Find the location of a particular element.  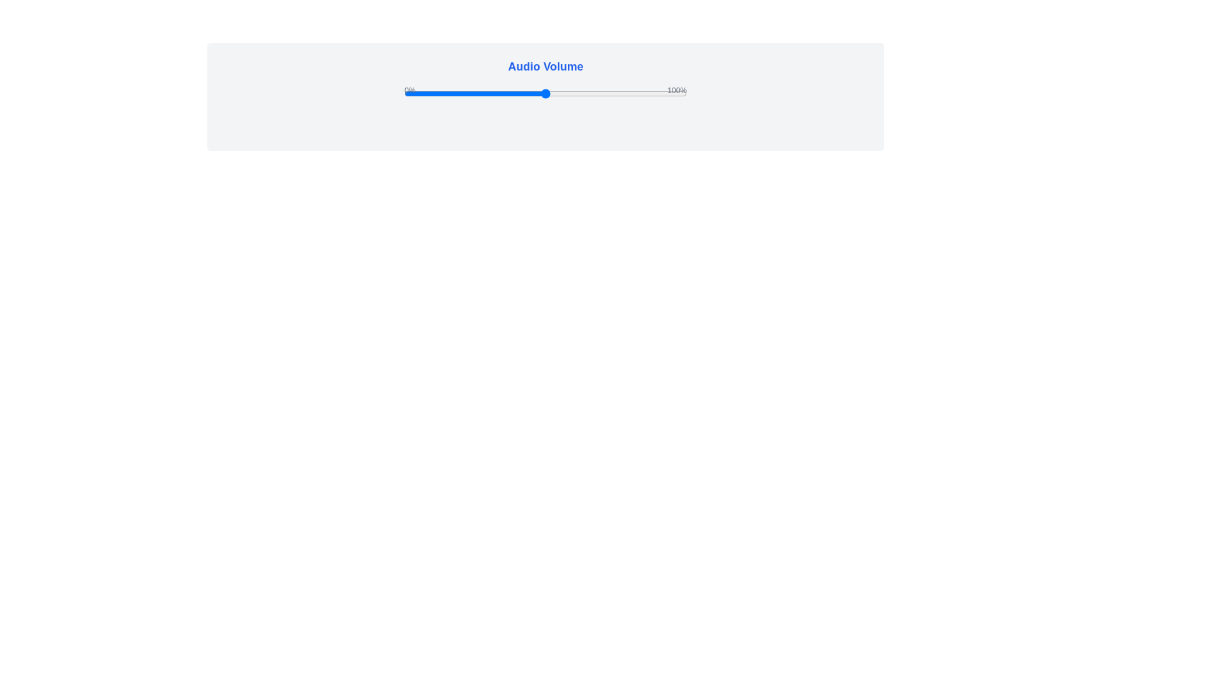

the audio volume is located at coordinates (619, 93).